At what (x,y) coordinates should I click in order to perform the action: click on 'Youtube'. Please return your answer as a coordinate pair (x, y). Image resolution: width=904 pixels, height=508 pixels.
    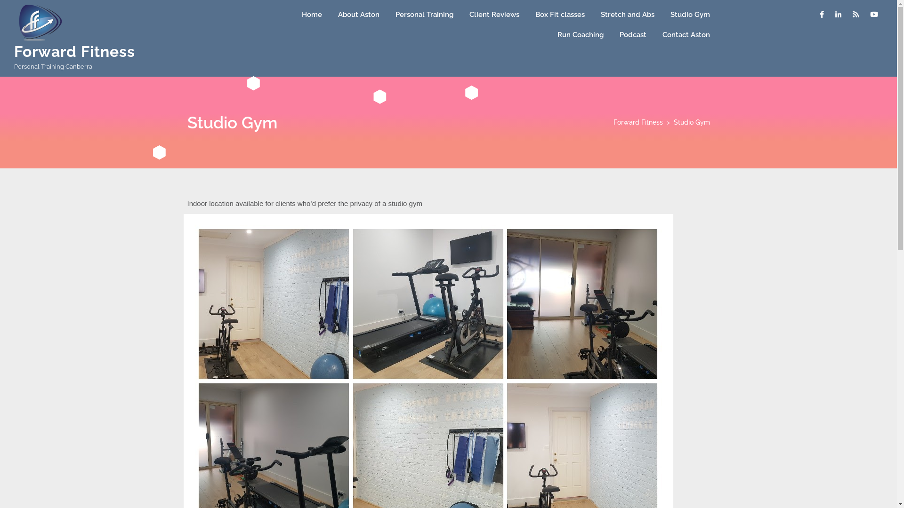
    Looking at the image, I should click on (873, 14).